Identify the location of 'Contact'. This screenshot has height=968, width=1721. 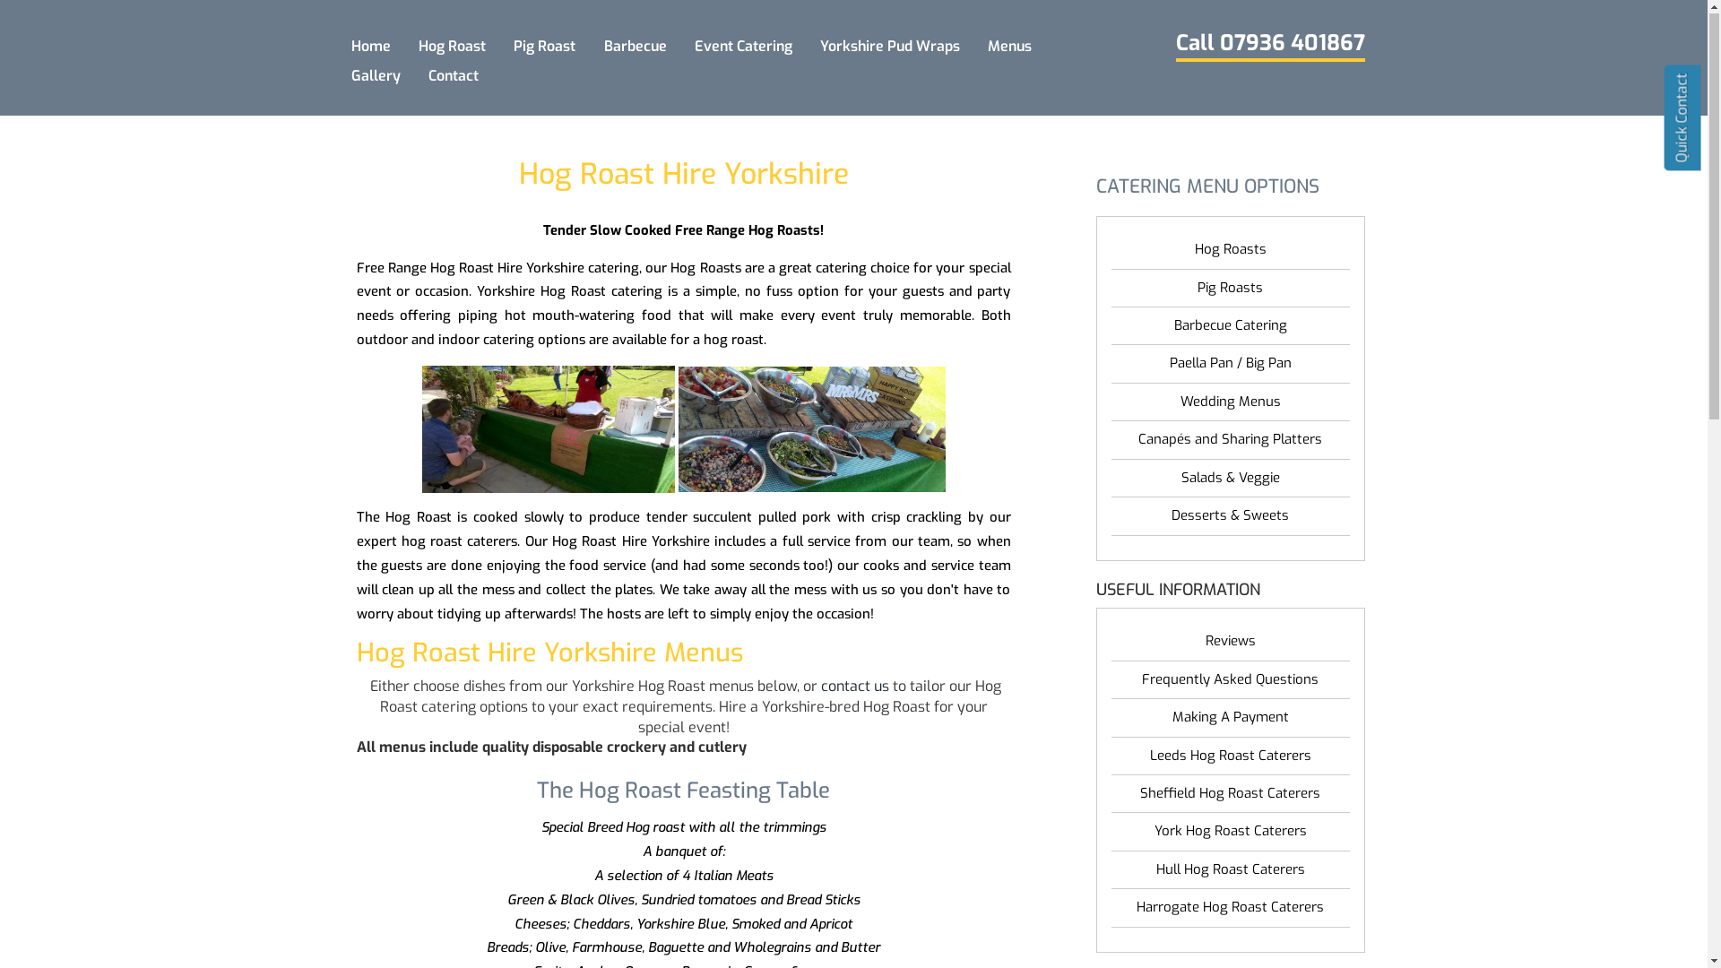
(454, 75).